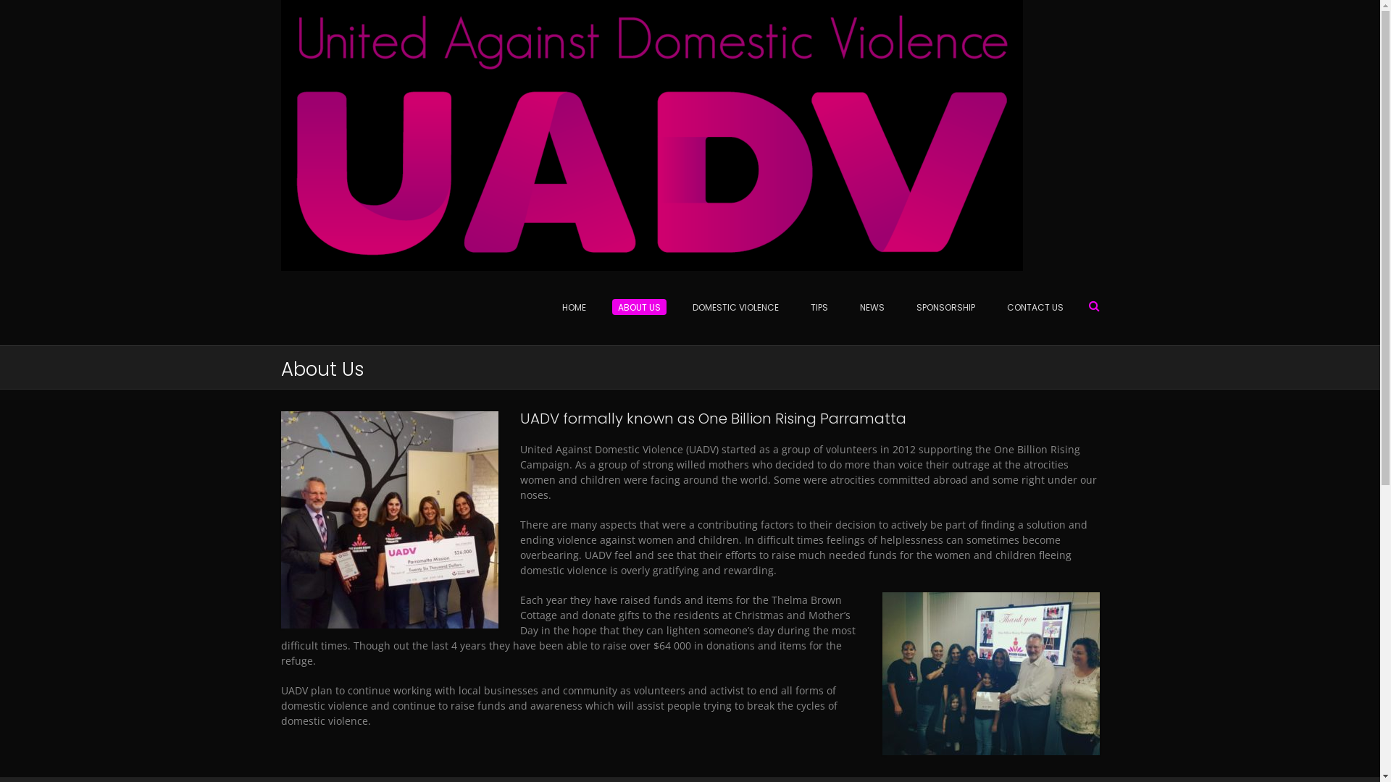  What do you see at coordinates (545, 307) in the screenshot?
I see `'HOME'` at bounding box center [545, 307].